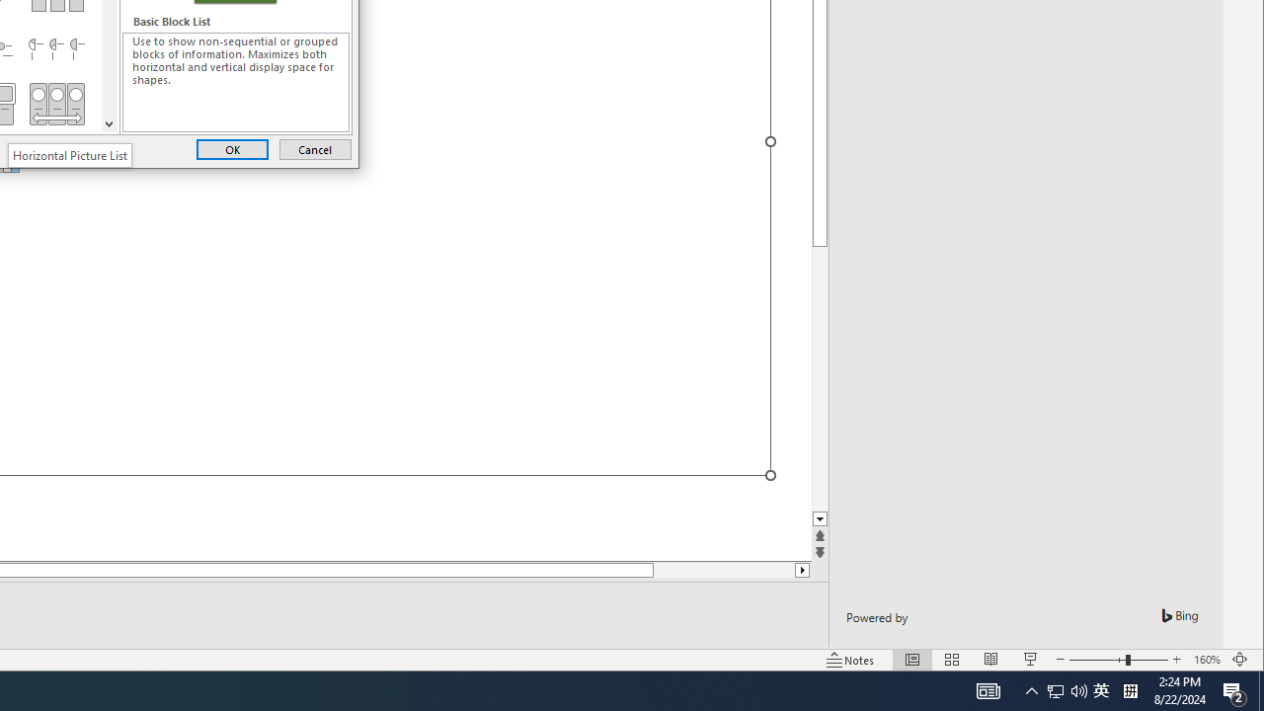 The image size is (1264, 711). Describe the element at coordinates (70, 154) in the screenshot. I see `'Horizontal Picture List'` at that location.